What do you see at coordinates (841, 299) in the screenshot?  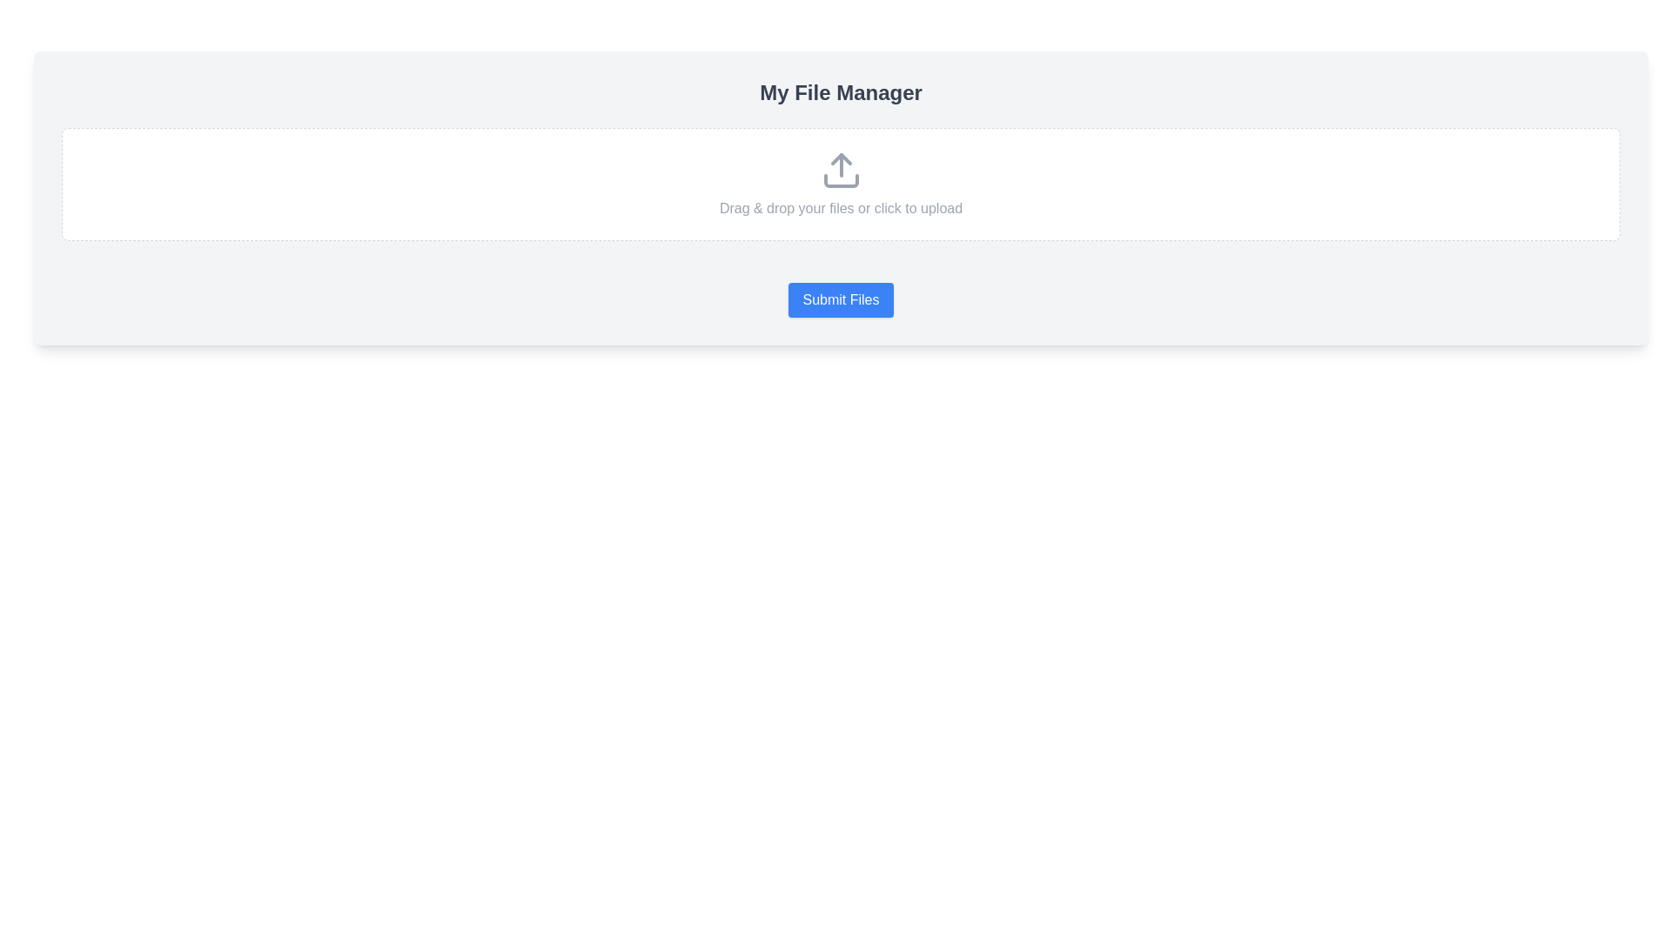 I see `the 'Submit Files' button, a rectangular button with a blue background and white text, located at the bottom of the 'My File Manager' panel` at bounding box center [841, 299].